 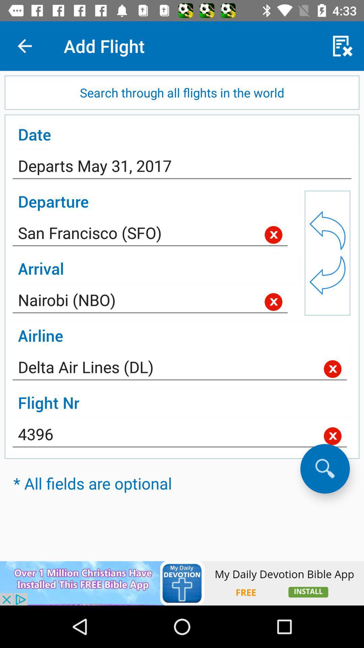 What do you see at coordinates (182, 583) in the screenshot?
I see `interact with advertisement` at bounding box center [182, 583].